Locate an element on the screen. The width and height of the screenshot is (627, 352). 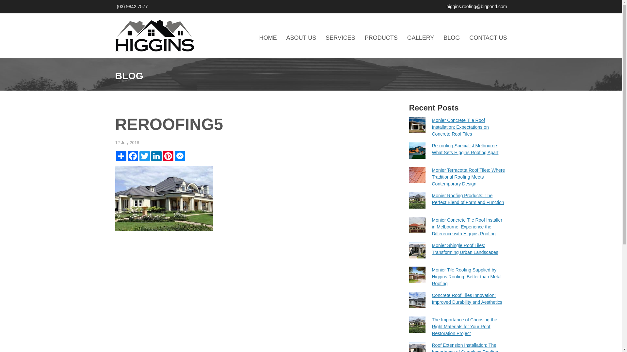
'Pinterest' is located at coordinates (162, 156).